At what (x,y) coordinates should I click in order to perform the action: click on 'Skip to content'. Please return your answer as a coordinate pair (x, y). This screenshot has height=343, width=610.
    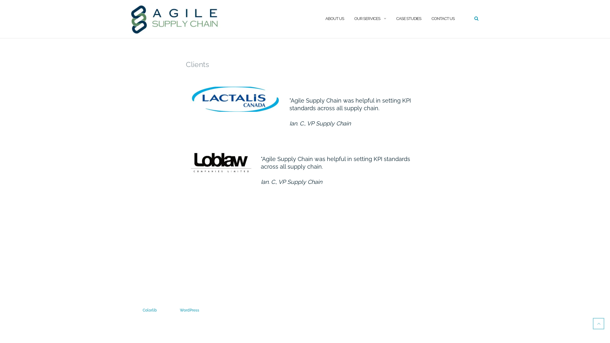
    Looking at the image, I should click on (0, 0).